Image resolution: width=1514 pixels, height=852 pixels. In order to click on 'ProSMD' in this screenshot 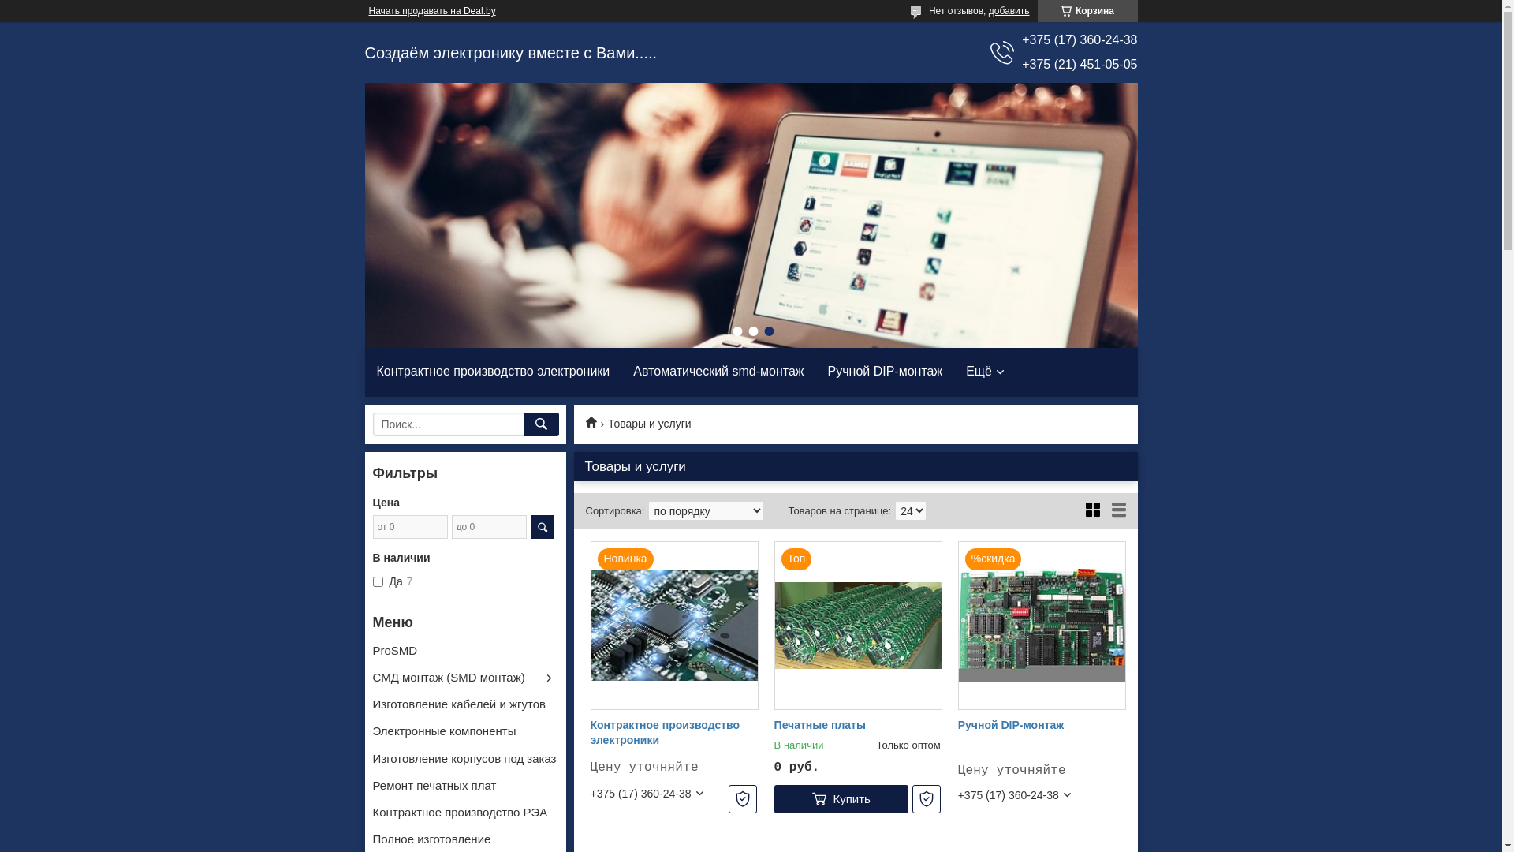, I will do `click(371, 650)`.